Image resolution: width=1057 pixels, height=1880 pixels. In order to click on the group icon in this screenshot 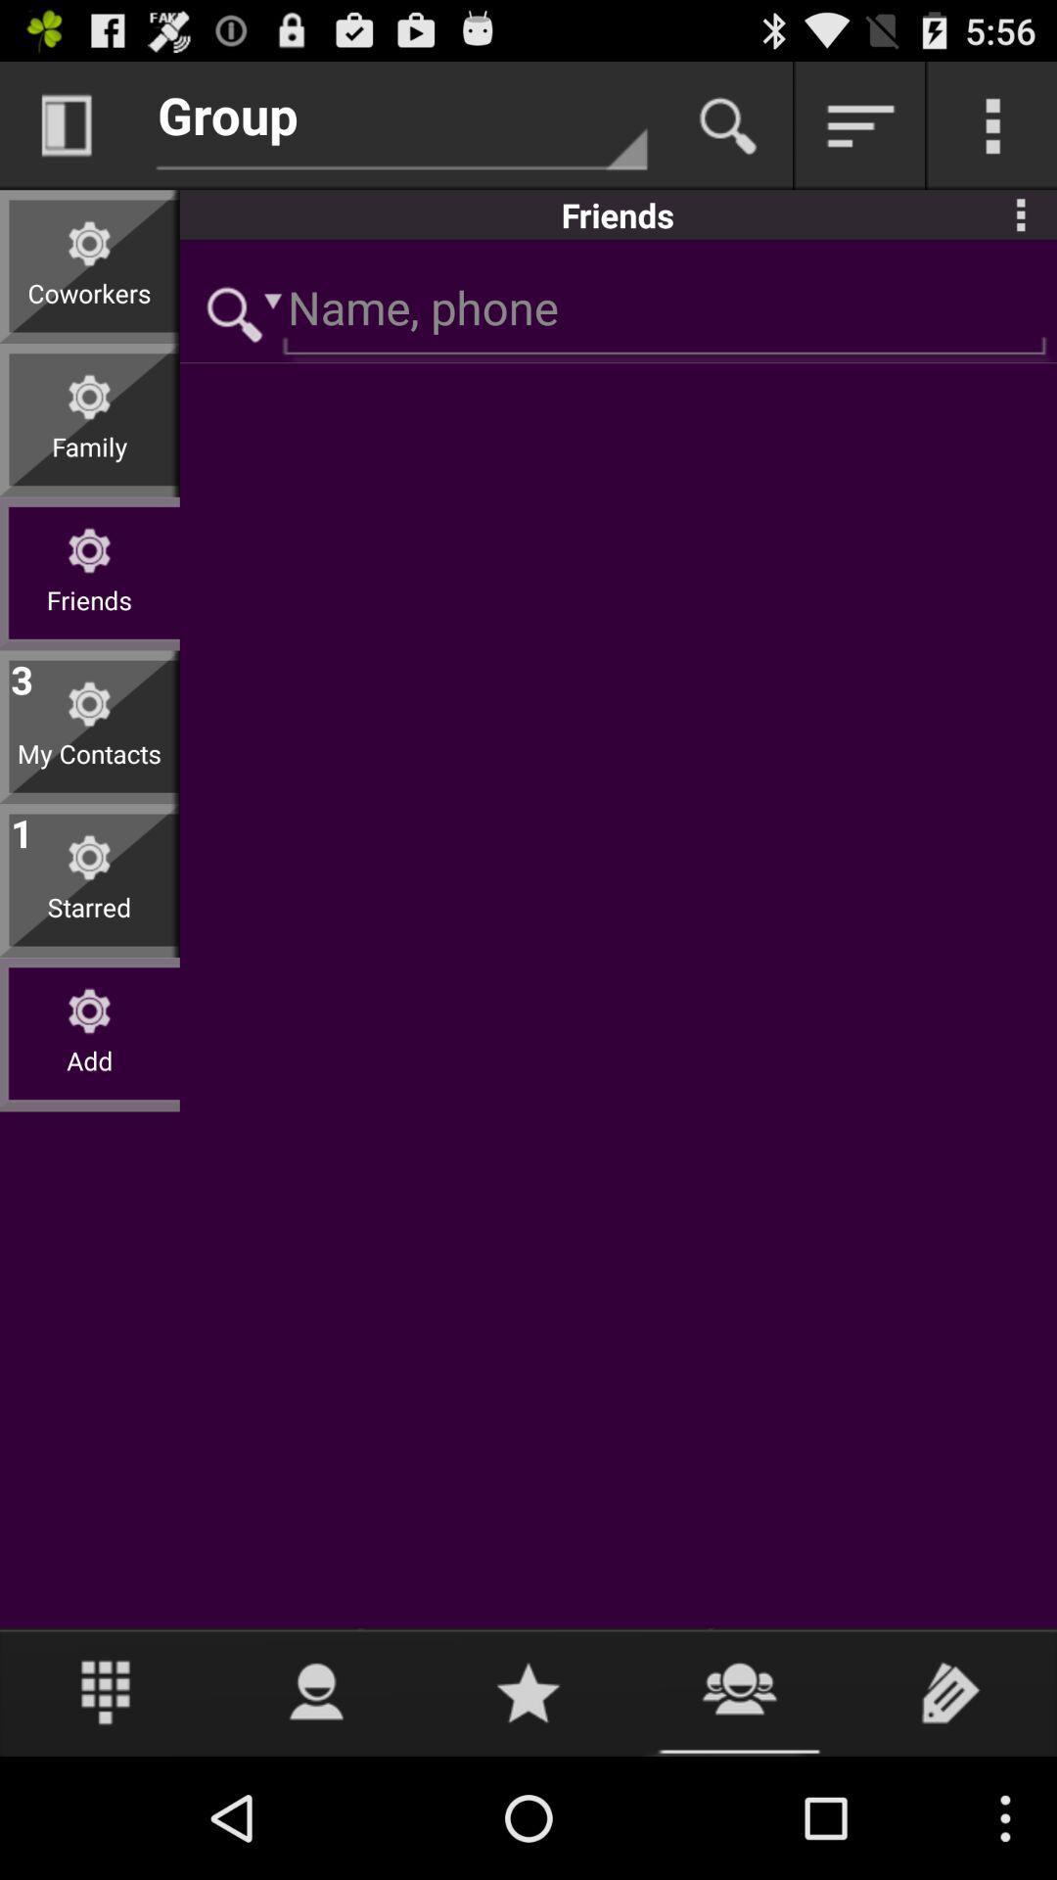, I will do `click(740, 1809)`.